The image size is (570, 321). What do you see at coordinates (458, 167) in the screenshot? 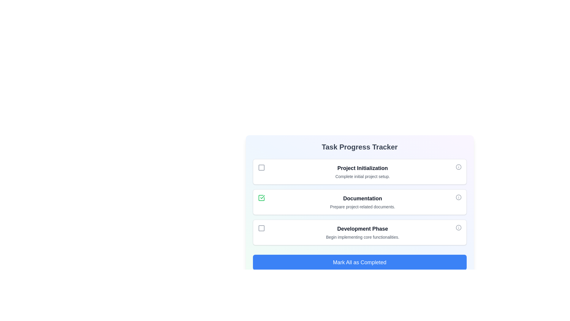
I see `the help icon located at the top-right corner of the 'Project Initialization' card` at bounding box center [458, 167].